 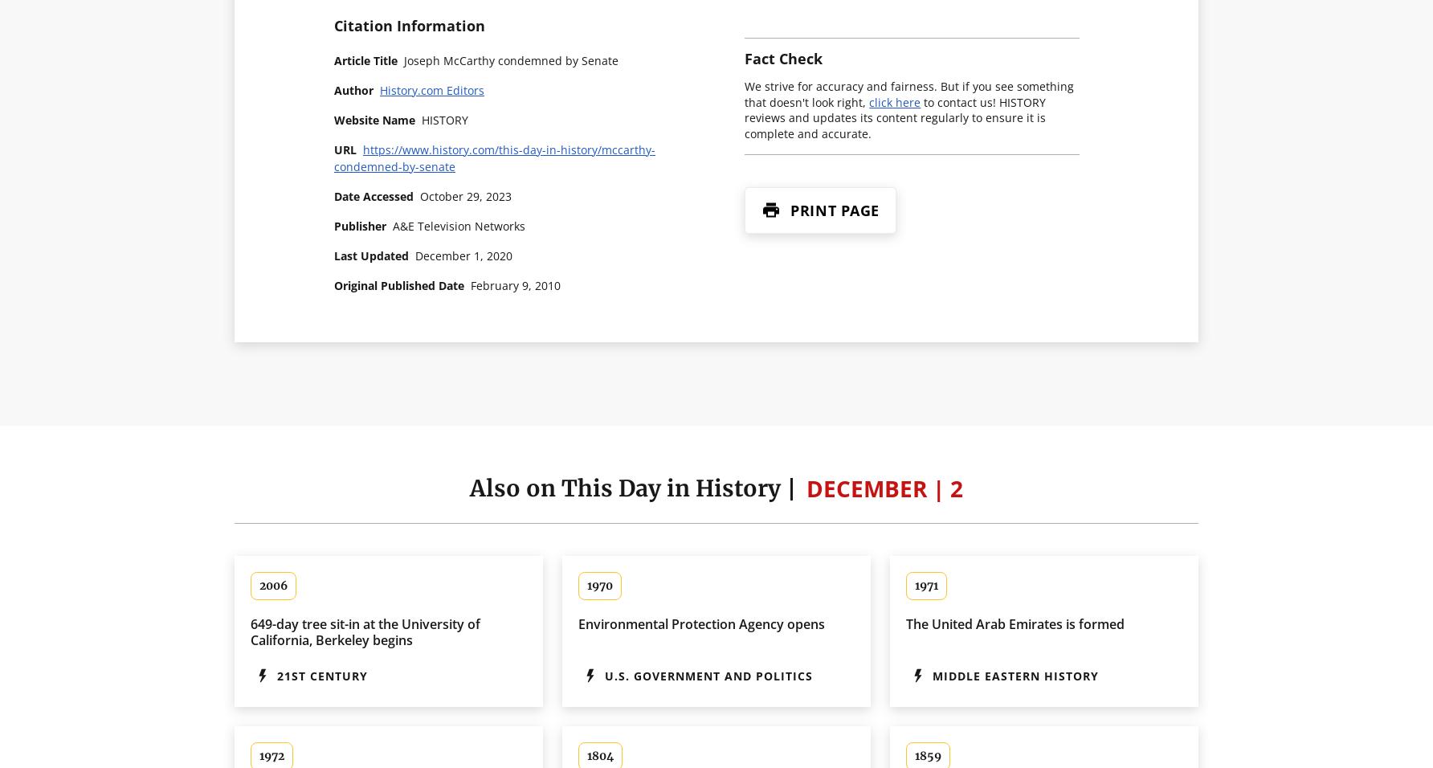 I want to click on '21st Century', so click(x=321, y=675).